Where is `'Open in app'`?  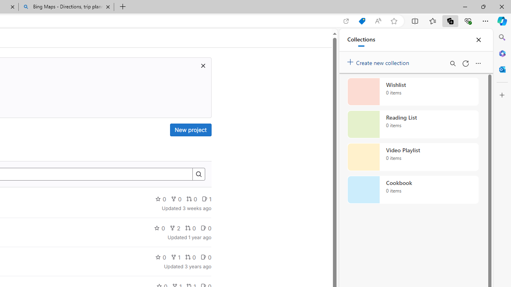 'Open in app' is located at coordinates (346, 21).